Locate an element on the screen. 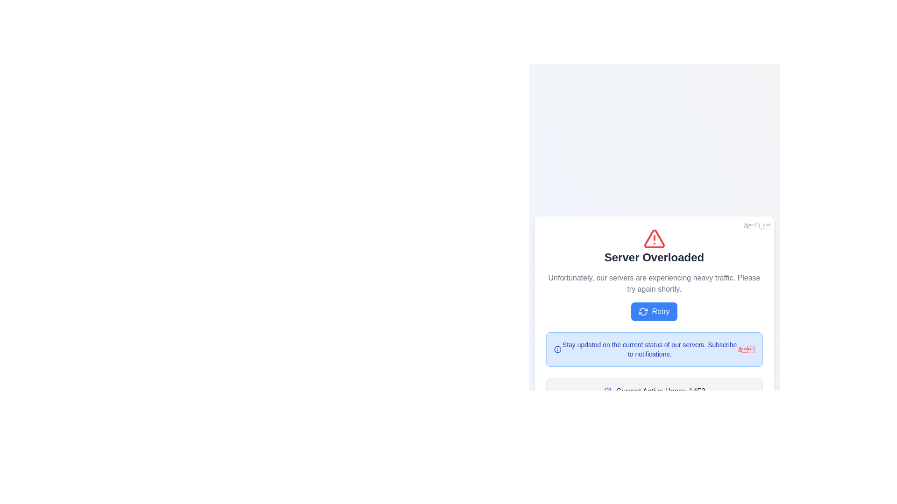 Image resolution: width=897 pixels, height=504 pixels. informational content displayed in the blue-themed alert box stating 'Stay updated on the current status of our servers. Subscribe to notifications.' is located at coordinates (649, 349).